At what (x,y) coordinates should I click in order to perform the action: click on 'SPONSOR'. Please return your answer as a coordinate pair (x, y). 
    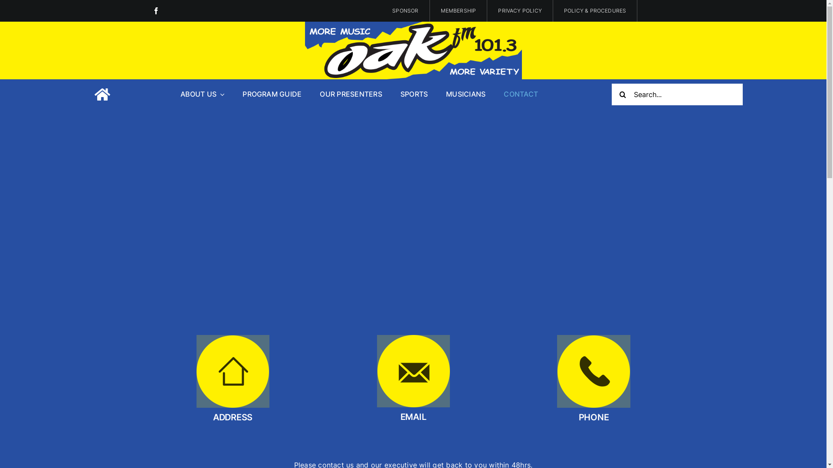
    Looking at the image, I should click on (405, 10).